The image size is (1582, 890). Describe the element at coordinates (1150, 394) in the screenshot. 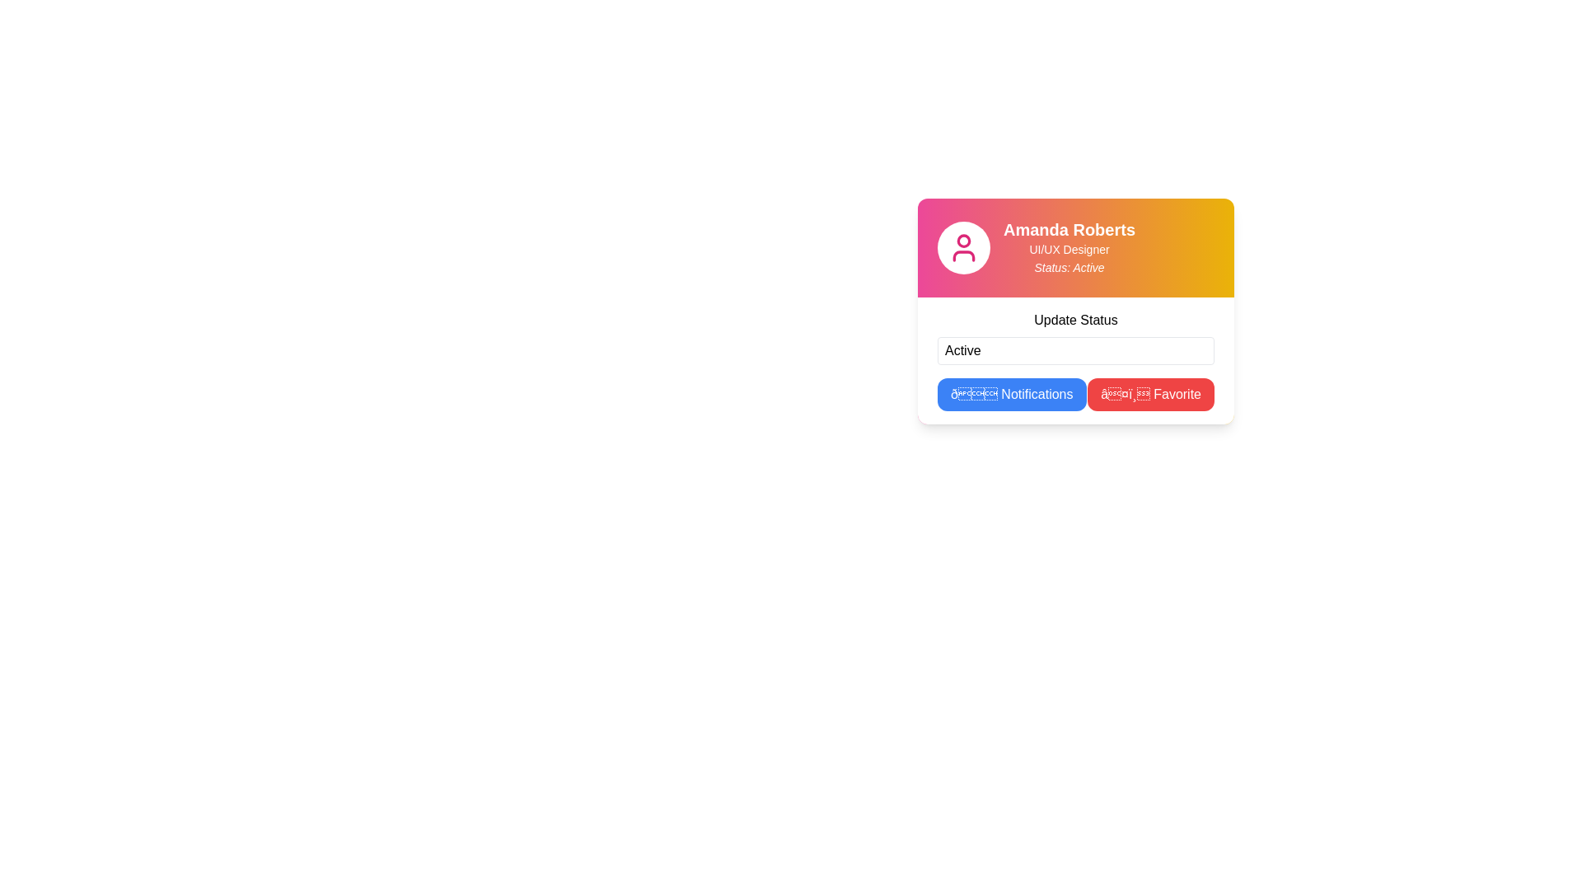

I see `the favorite button located on the right-hand side of the button group, positioned below the 'Update Status' input field` at that location.